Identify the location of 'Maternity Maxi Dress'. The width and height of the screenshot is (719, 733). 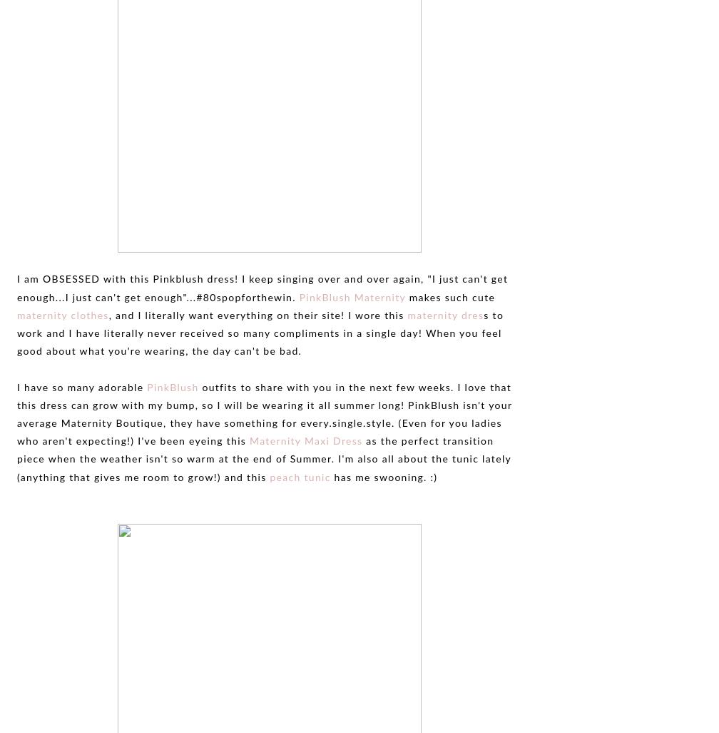
(306, 441).